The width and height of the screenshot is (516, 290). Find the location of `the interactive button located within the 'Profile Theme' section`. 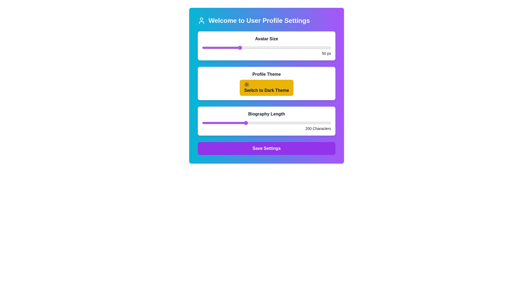

the interactive button located within the 'Profile Theme' section is located at coordinates (267, 88).